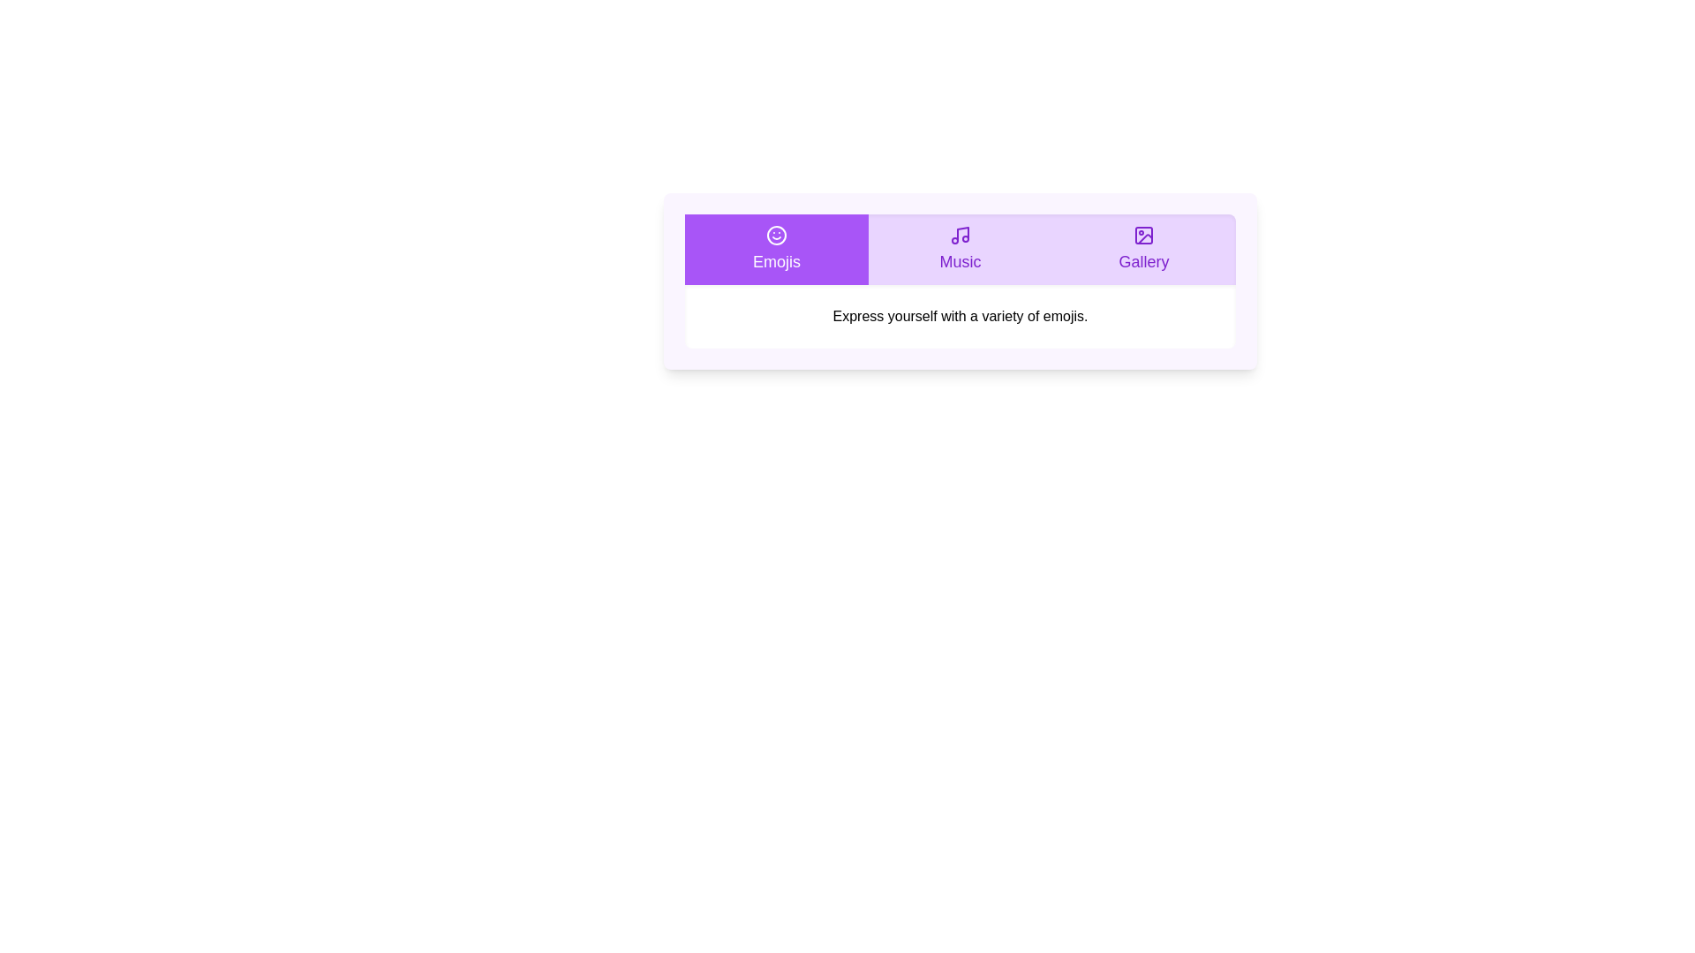  Describe the element at coordinates (1144, 249) in the screenshot. I see `the tab labeled 'Gallery' to switch its content` at that location.